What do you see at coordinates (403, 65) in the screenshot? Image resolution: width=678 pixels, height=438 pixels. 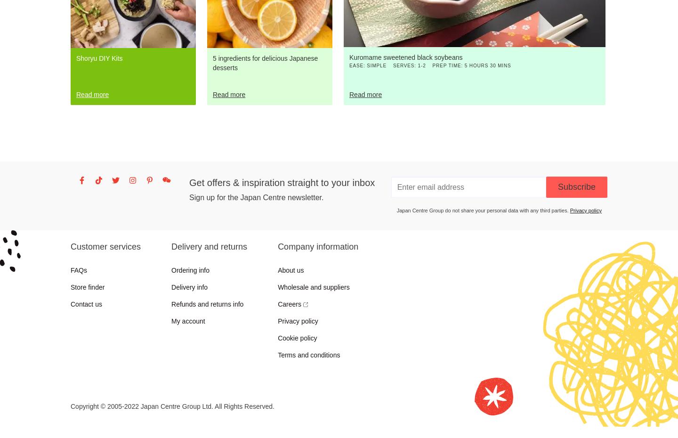 I see `'Serves'` at bounding box center [403, 65].